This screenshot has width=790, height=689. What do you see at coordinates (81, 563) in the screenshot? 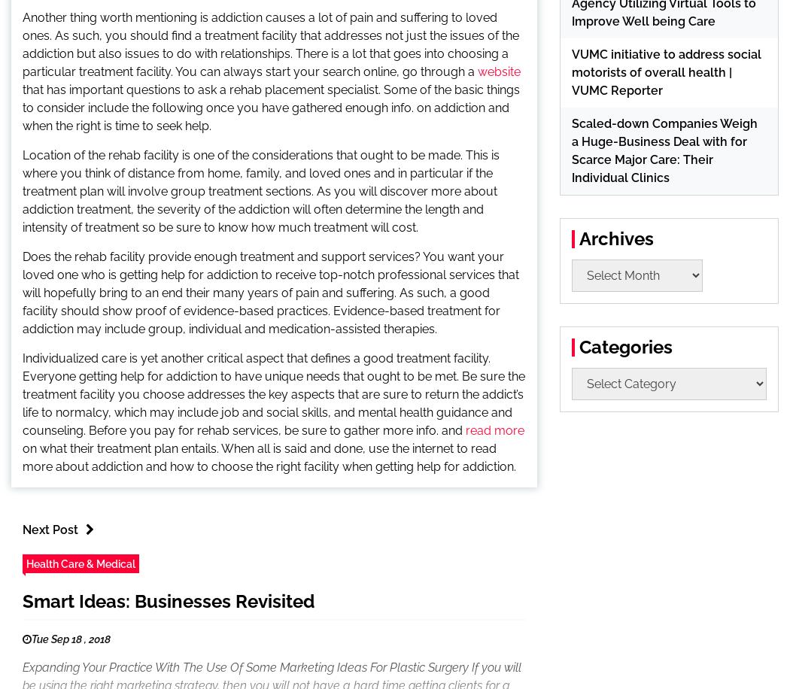
I see `'Health Care & Medical'` at bounding box center [81, 563].